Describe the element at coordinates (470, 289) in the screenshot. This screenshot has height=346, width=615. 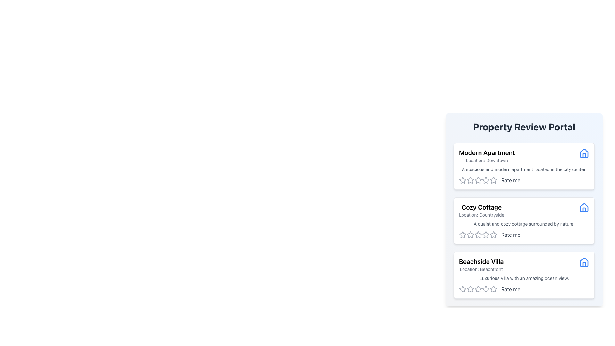
I see `the second star` at that location.